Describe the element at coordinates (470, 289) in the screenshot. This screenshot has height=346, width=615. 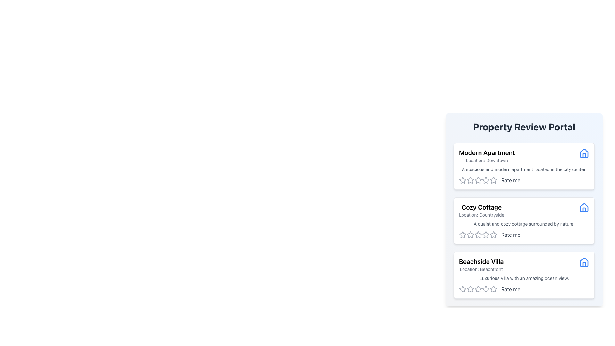
I see `the second star` at that location.